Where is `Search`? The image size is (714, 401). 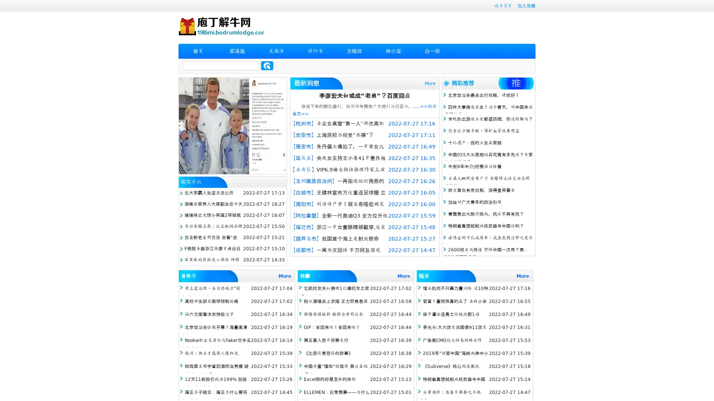 Search is located at coordinates (267, 65).